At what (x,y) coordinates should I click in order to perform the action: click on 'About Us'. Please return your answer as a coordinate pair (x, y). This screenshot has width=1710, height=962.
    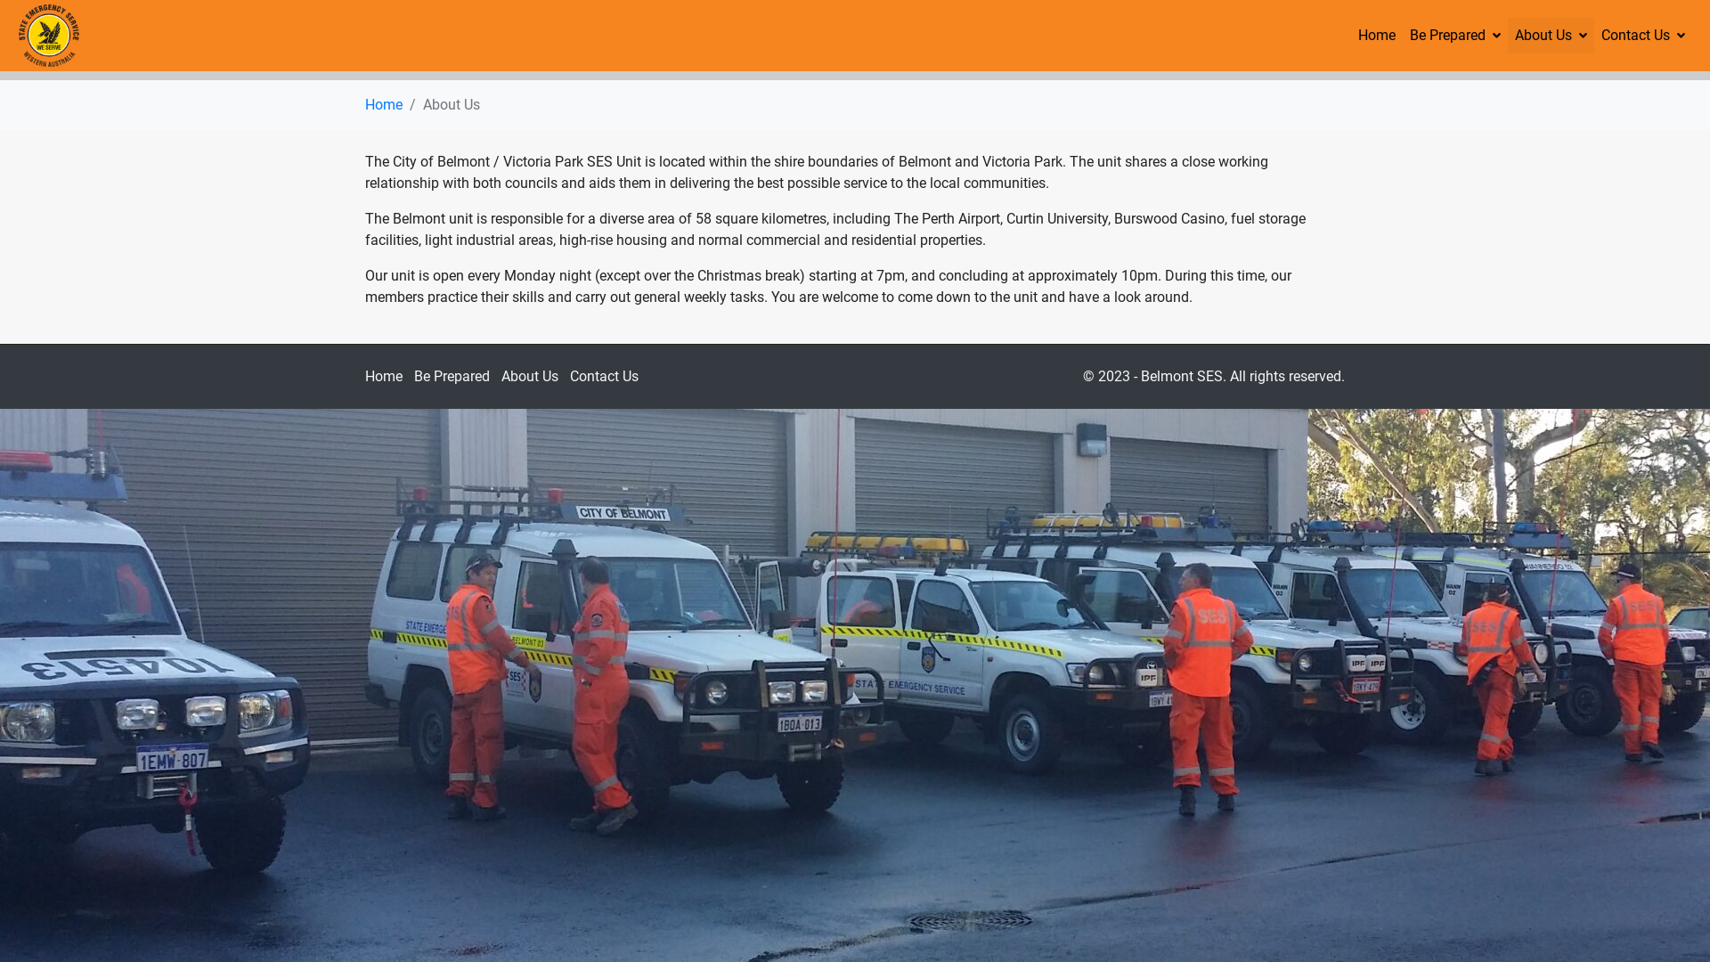
    Looking at the image, I should click on (1550, 35).